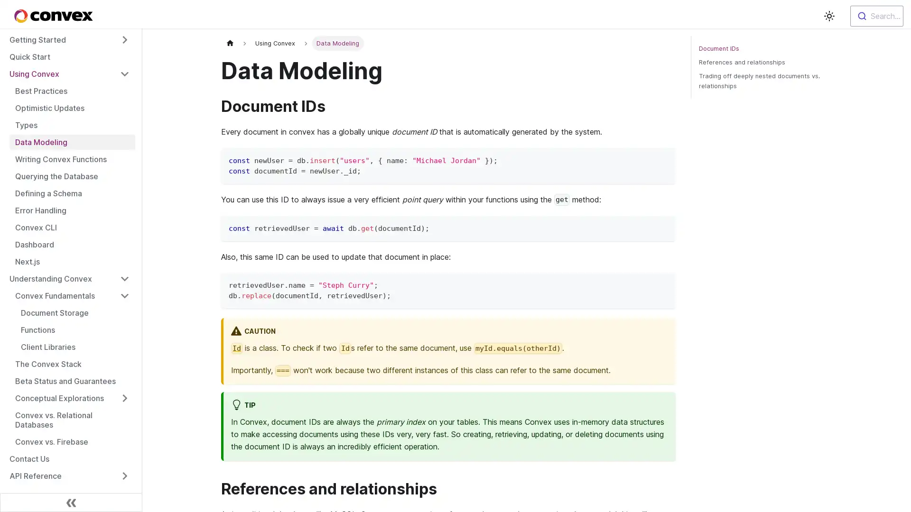 This screenshot has height=512, width=911. What do you see at coordinates (663, 283) in the screenshot?
I see `Copy code to clipboard` at bounding box center [663, 283].